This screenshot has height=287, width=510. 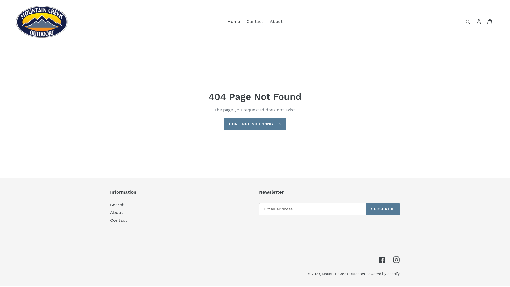 I want to click on 'Cart', so click(x=489, y=21).